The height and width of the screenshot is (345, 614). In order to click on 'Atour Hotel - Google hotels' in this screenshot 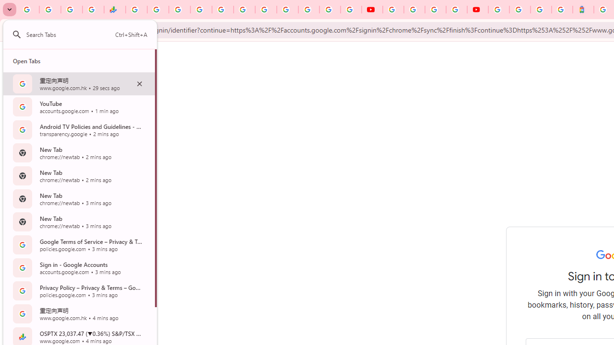, I will do `click(583, 10)`.